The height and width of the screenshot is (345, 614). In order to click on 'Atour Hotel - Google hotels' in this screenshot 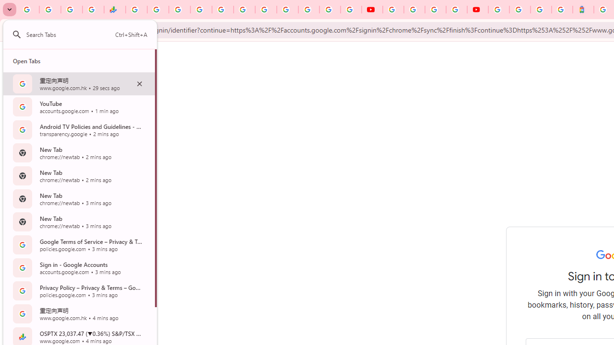, I will do `click(583, 10)`.